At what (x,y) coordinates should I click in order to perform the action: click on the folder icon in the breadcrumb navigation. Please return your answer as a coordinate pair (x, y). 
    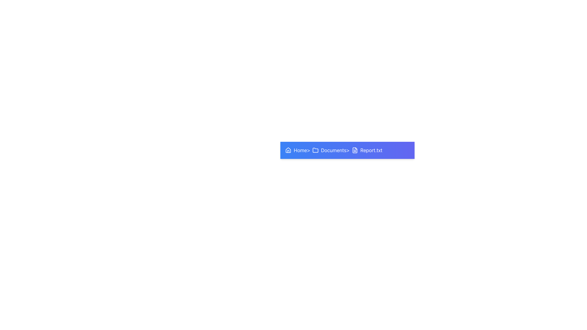
    Looking at the image, I should click on (316, 150).